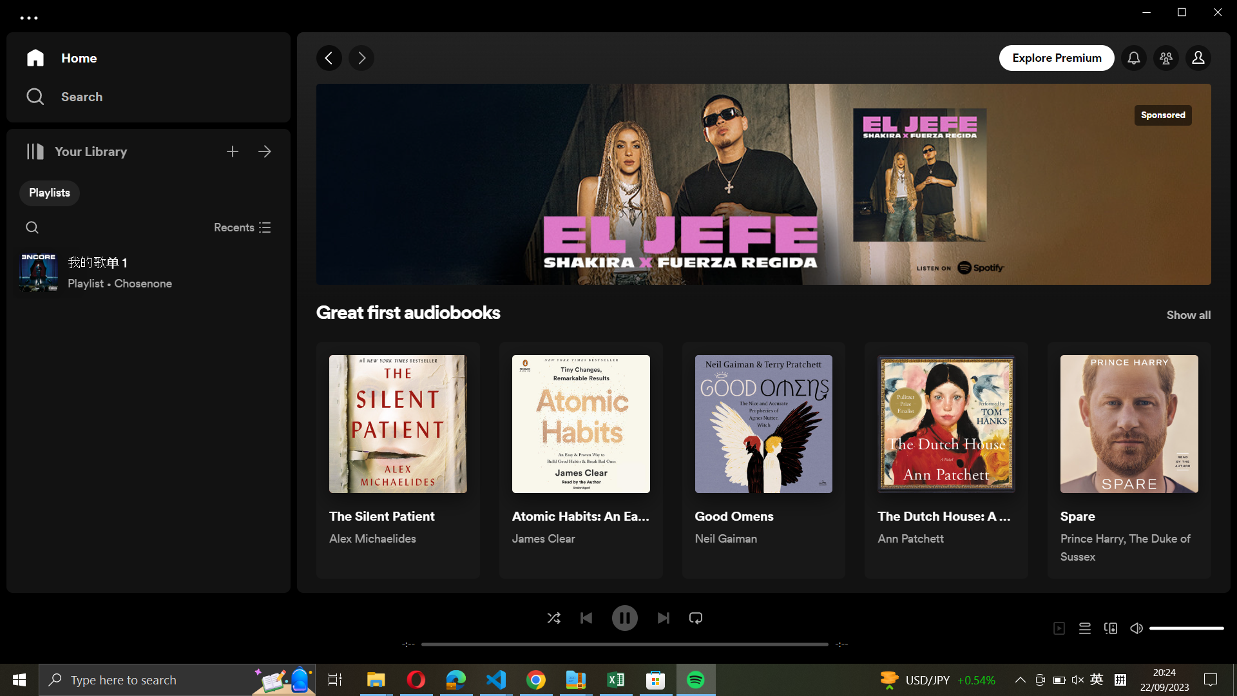 This screenshot has width=1237, height=696. I want to click on explore premium section, so click(1058, 57).